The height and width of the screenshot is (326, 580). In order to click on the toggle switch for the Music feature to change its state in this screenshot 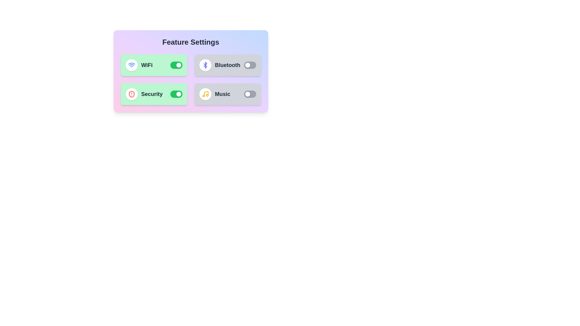, I will do `click(250, 94)`.